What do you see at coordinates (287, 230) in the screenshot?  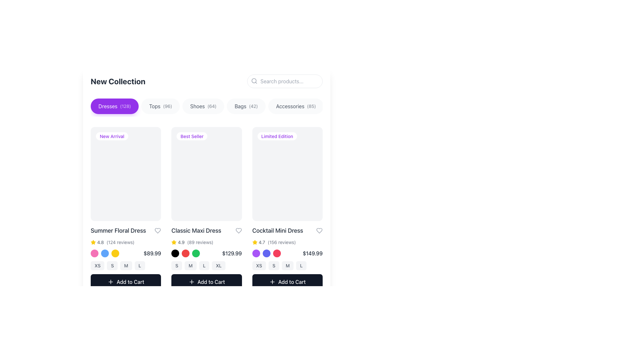 I see `the text label displaying 'Cocktail Mini Dress'` at bounding box center [287, 230].